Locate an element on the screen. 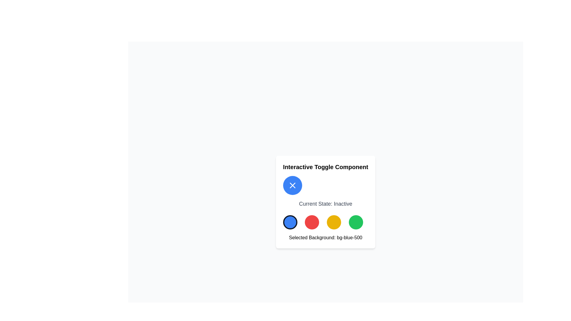 The width and height of the screenshot is (571, 321). the SVG graphic icon depicting a diagonal cross ('X') located at the center-right area of the interface, which is part of a blue circular button is located at coordinates (292, 185).